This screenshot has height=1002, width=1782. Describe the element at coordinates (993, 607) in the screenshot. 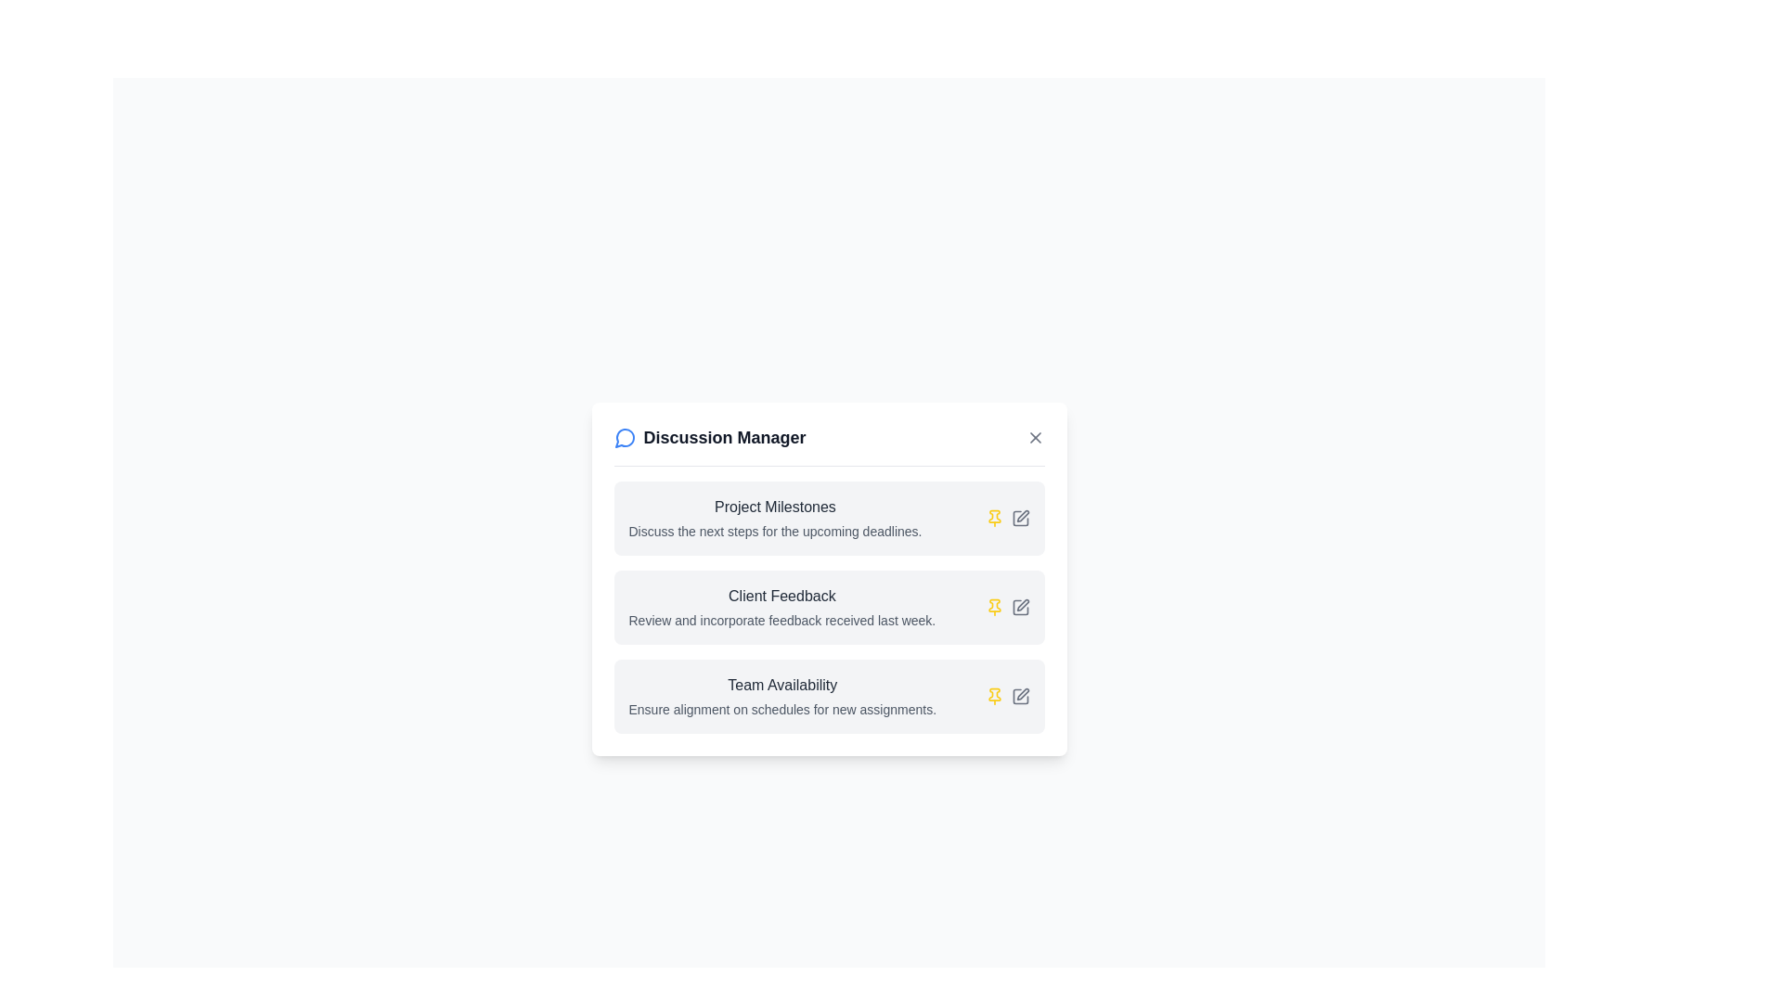

I see `the button located to the right of 'Client Feedback' and to the left of the edit icon` at that location.